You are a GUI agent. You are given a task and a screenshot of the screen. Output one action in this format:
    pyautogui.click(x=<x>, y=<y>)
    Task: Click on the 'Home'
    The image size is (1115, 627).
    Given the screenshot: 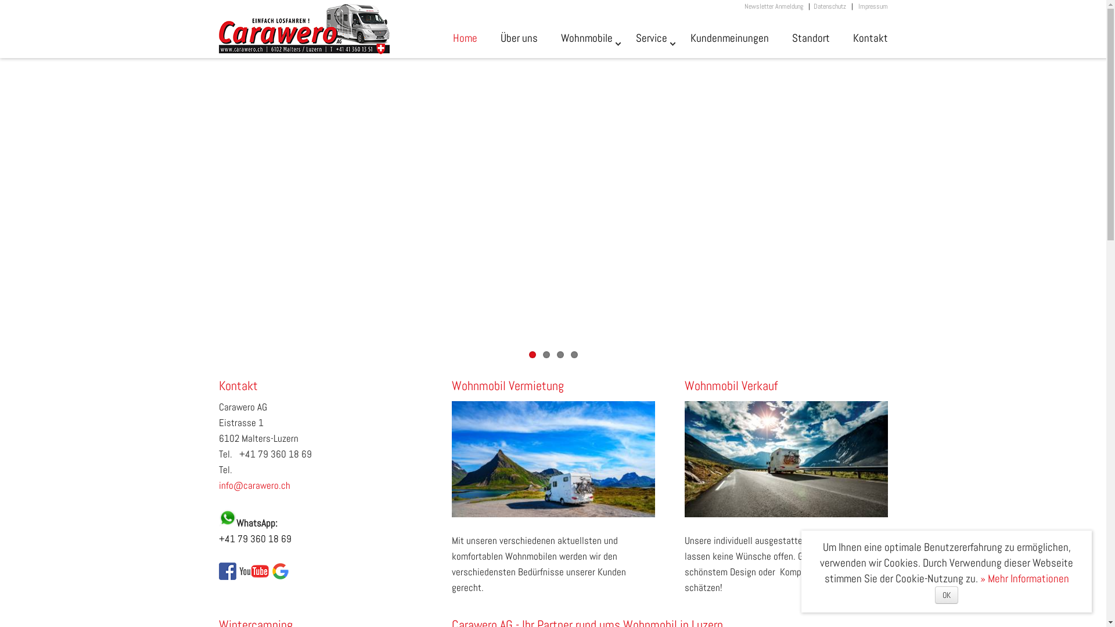 What is the action you would take?
    pyautogui.click(x=465, y=44)
    